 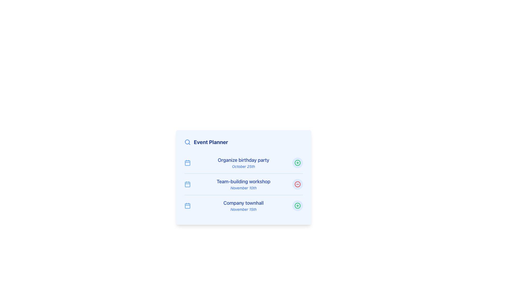 What do you see at coordinates (297, 205) in the screenshot?
I see `the green circular button with a plus symbol associated with the 'Organize birthday party' task to observe any hover effects` at bounding box center [297, 205].